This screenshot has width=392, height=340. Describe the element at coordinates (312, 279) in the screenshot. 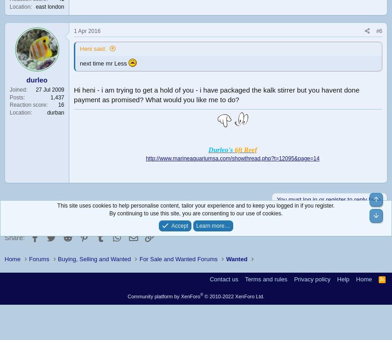

I see `'Privacy policy'` at that location.